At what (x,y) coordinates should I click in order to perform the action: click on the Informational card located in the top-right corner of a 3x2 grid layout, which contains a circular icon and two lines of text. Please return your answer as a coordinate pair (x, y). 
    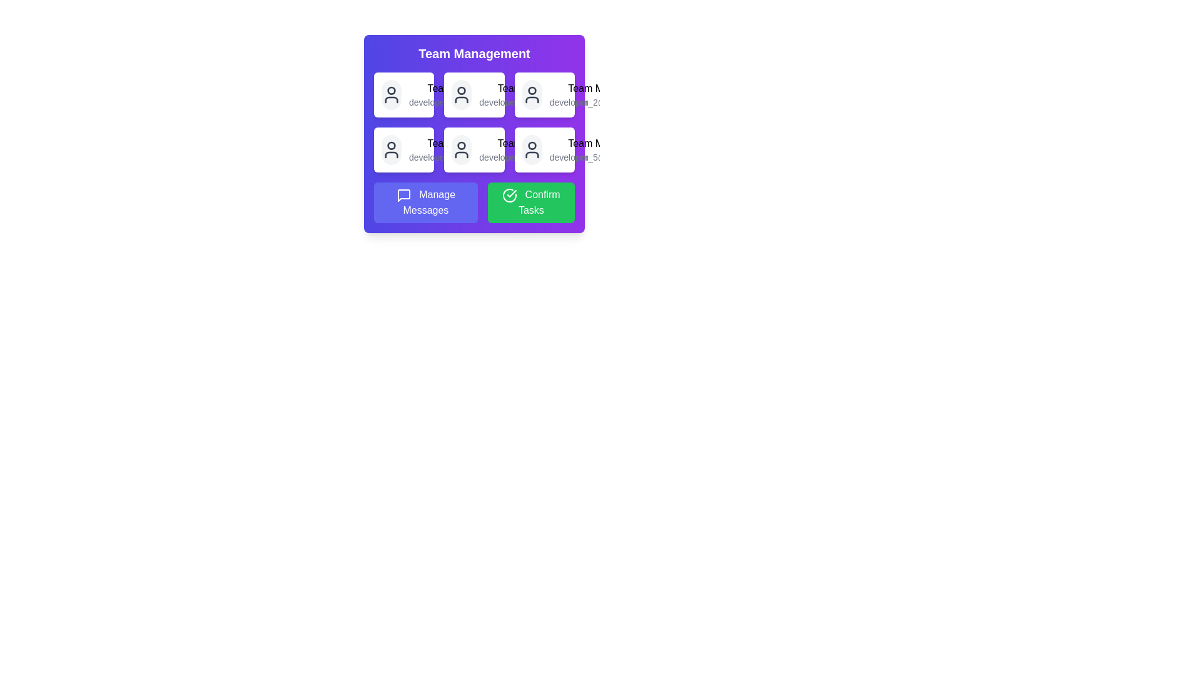
    Looking at the image, I should click on (544, 94).